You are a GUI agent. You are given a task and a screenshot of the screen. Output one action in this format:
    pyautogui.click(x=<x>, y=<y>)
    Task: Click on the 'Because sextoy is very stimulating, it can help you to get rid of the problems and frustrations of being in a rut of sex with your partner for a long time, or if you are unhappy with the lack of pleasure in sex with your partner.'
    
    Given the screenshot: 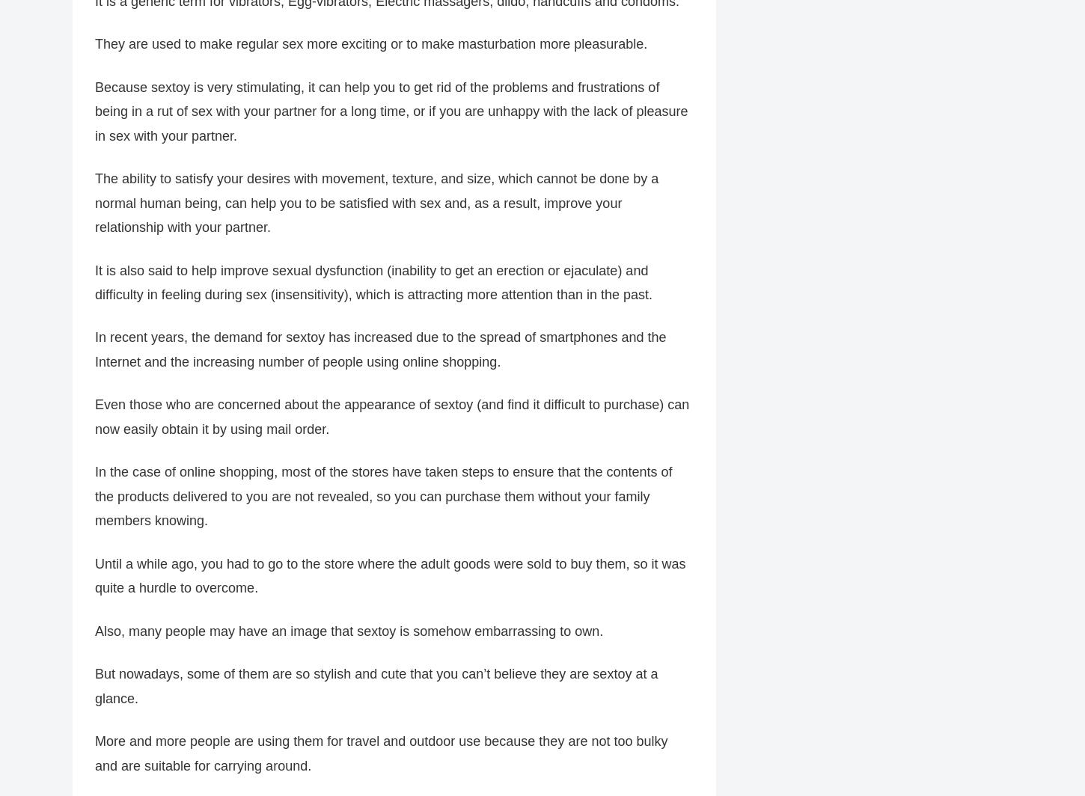 What is the action you would take?
    pyautogui.click(x=391, y=111)
    